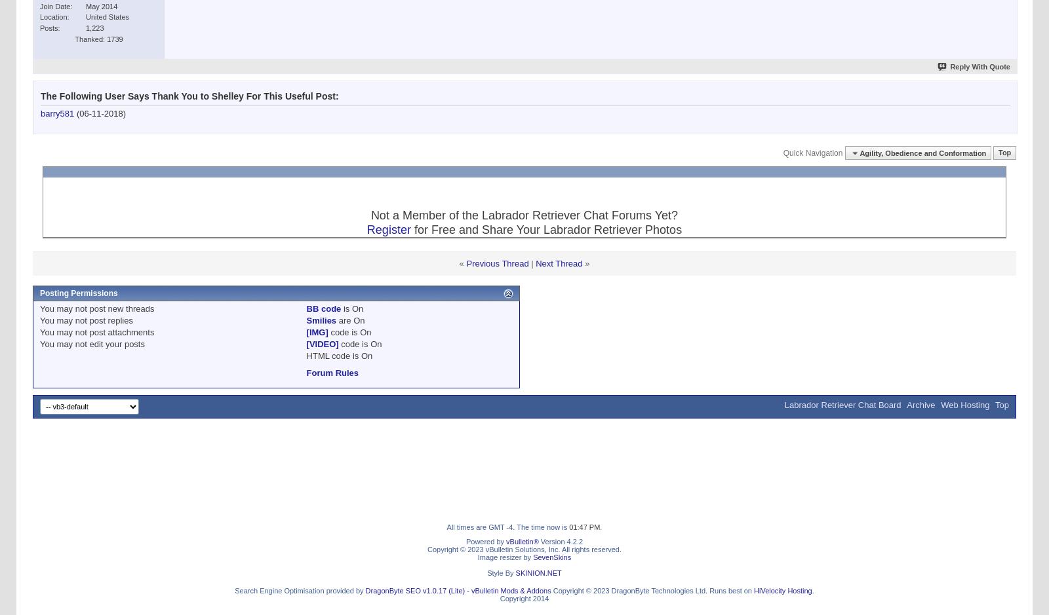 This screenshot has width=1049, height=615. Describe the element at coordinates (335, 320) in the screenshot. I see `'are'` at that location.